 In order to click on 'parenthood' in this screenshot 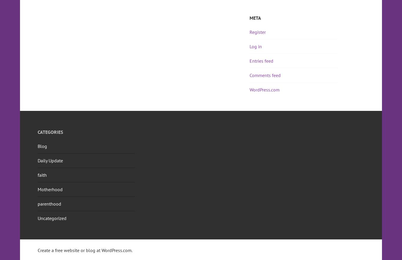, I will do `click(49, 204)`.